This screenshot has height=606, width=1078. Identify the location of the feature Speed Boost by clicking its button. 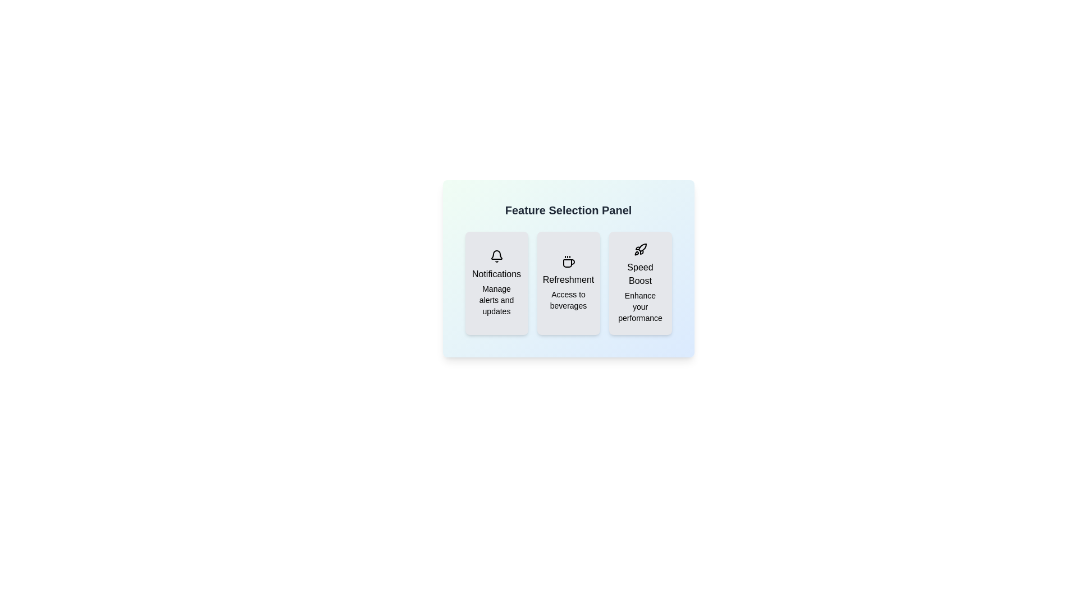
(640, 283).